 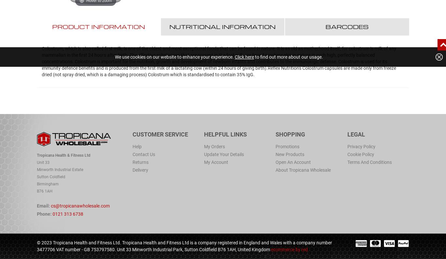 I want to click on 'Open An Account', so click(x=275, y=162).